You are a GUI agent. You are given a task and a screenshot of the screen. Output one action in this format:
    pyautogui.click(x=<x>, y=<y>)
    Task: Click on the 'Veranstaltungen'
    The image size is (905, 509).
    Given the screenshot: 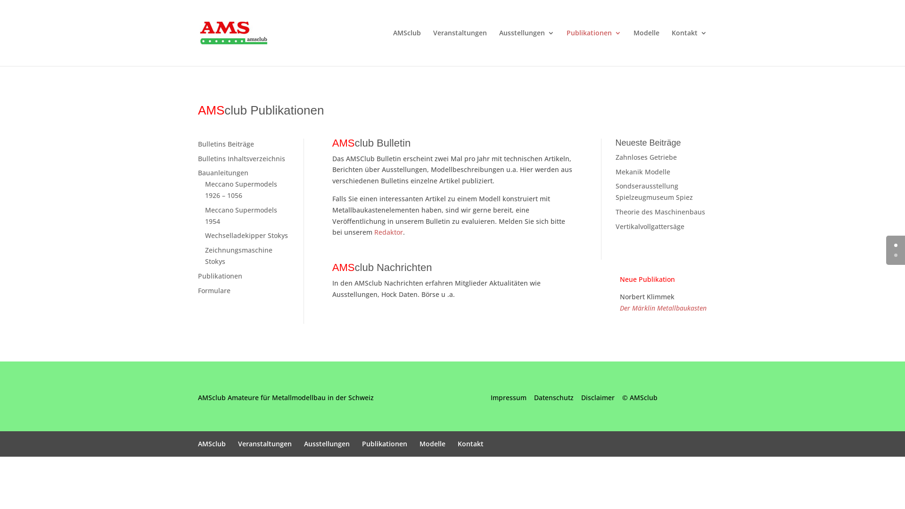 What is the action you would take?
    pyautogui.click(x=264, y=443)
    